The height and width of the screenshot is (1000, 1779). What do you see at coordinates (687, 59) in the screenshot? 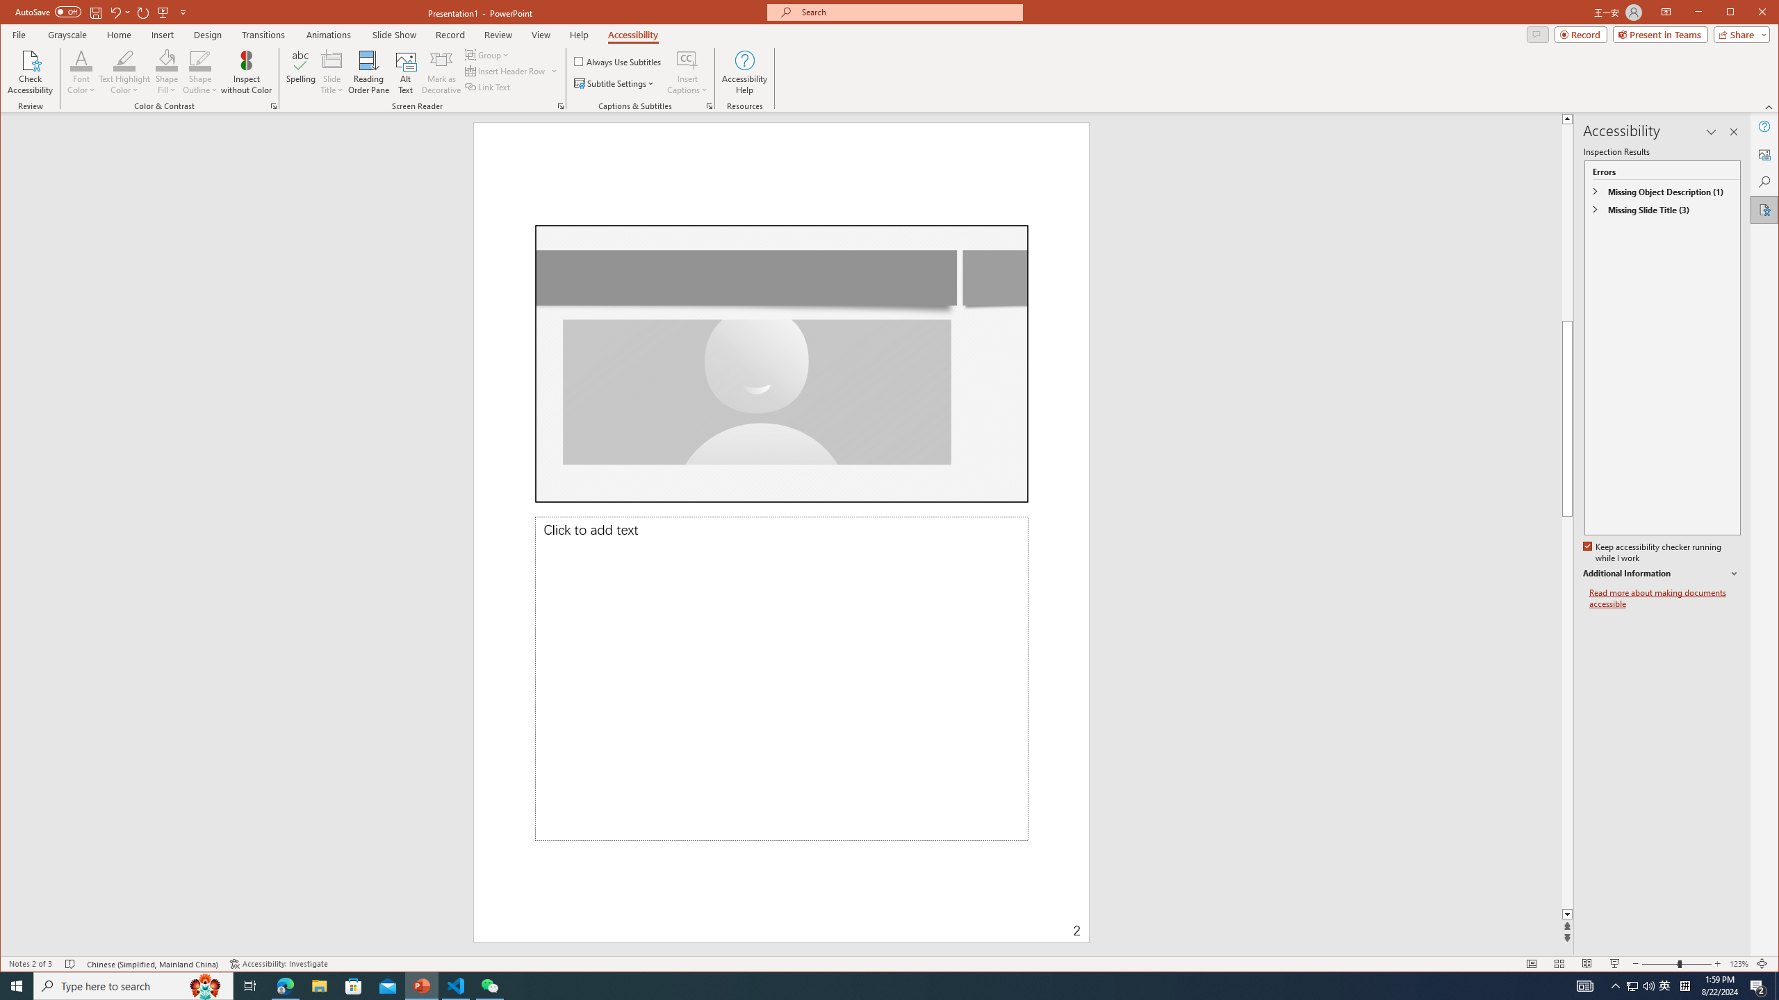
I see `'Insert Captions'` at bounding box center [687, 59].